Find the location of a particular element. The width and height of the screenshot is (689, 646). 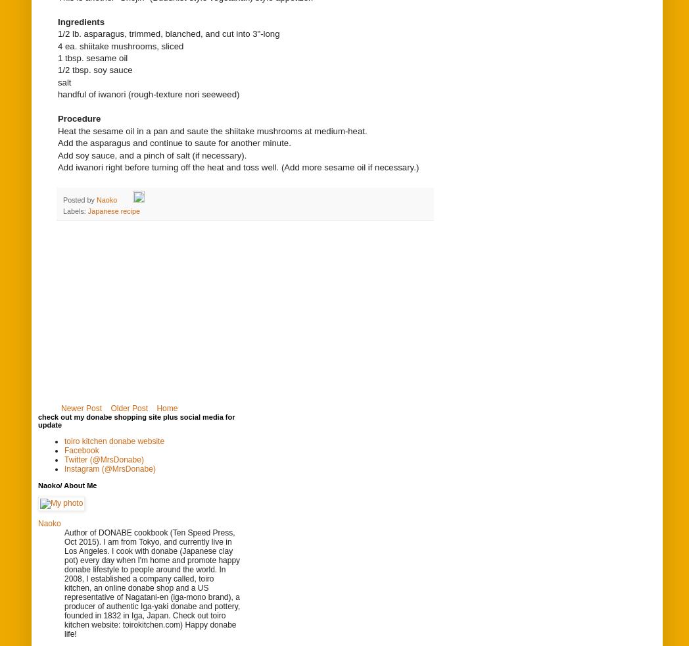

'1 tbsp. sesame oil' is located at coordinates (92, 57).